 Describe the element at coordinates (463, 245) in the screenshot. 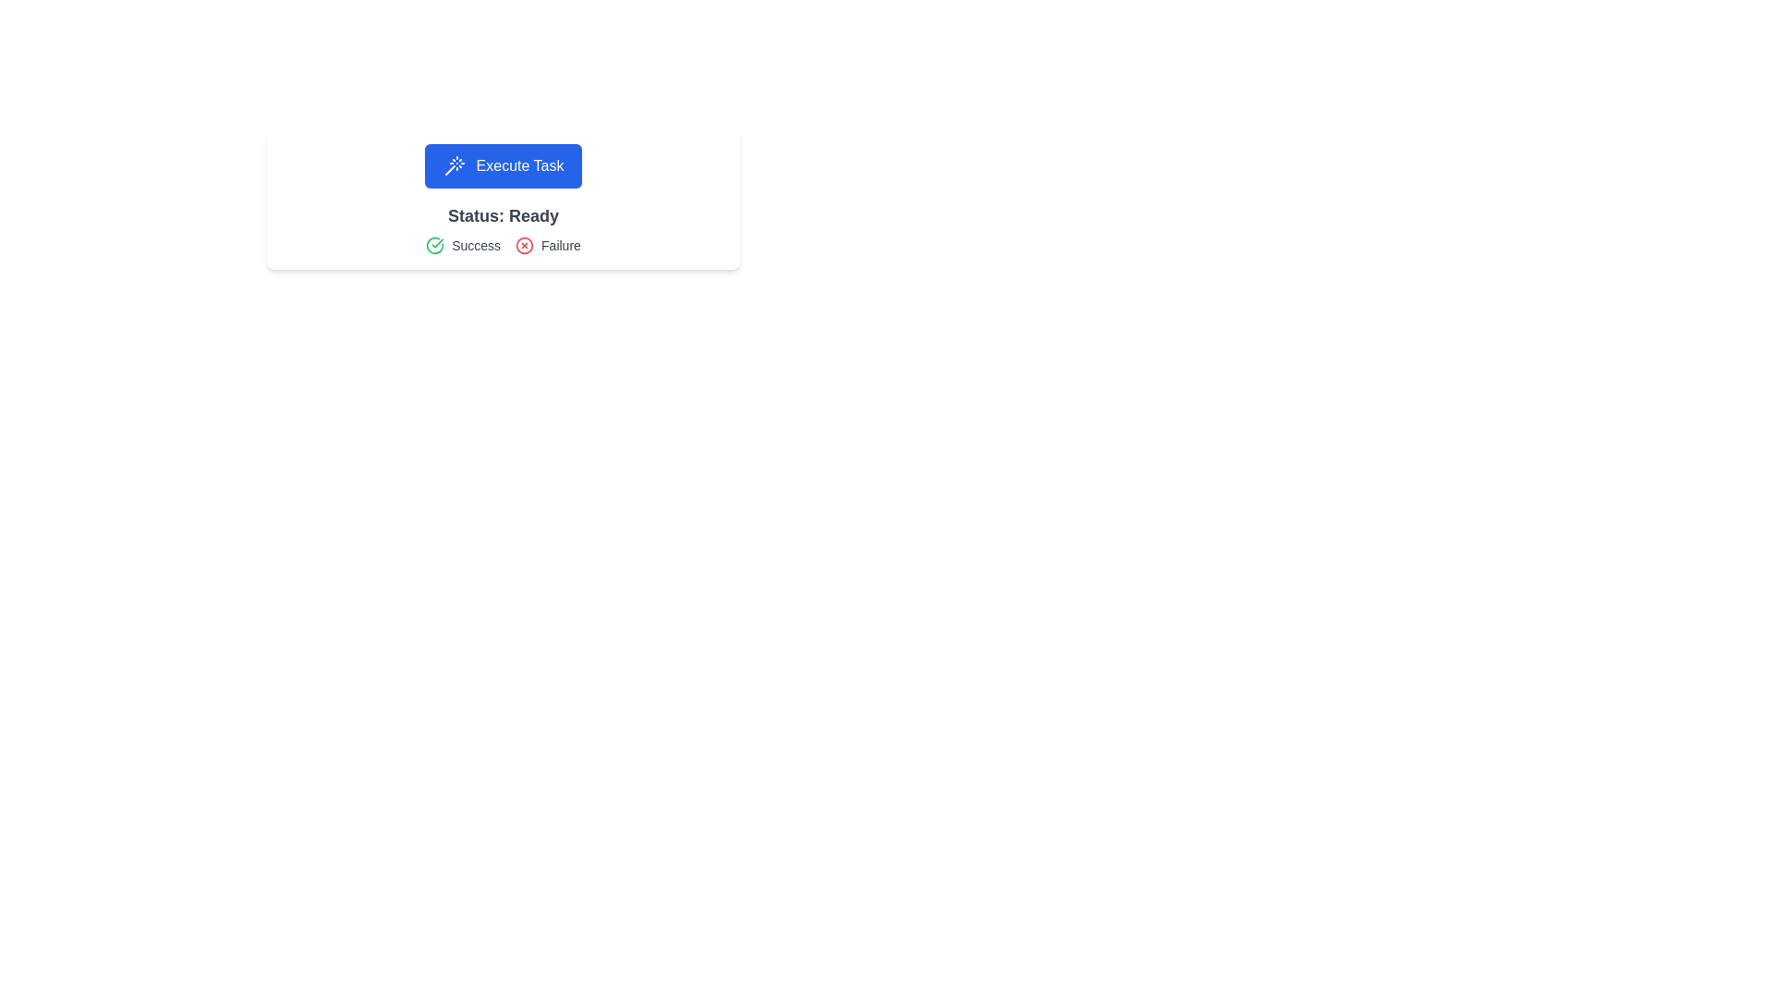

I see `the 'Success' status indicator, which is the first element among its siblings, located at the center-bottom of the interface, combining an icon and a text label` at that location.